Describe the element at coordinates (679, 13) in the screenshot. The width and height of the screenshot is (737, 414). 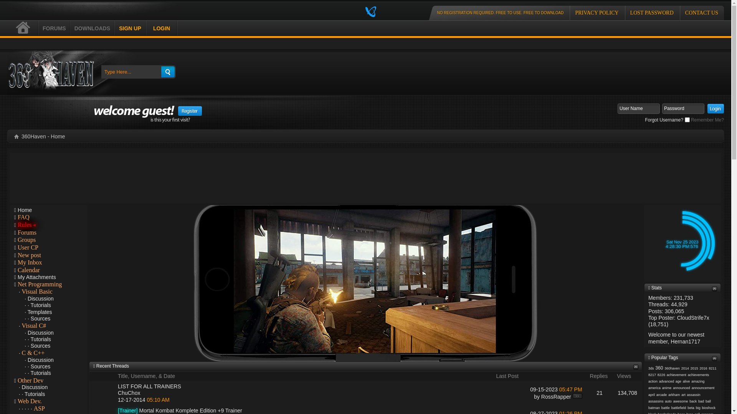
I see `'CONTACT US'` at that location.